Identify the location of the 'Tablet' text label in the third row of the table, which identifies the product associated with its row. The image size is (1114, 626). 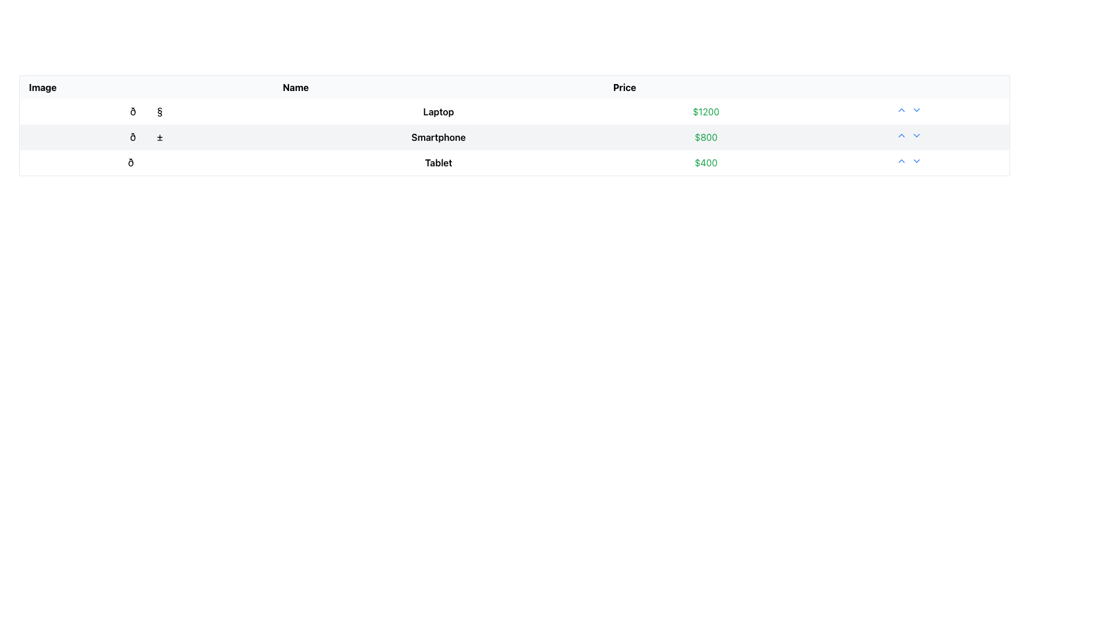
(438, 163).